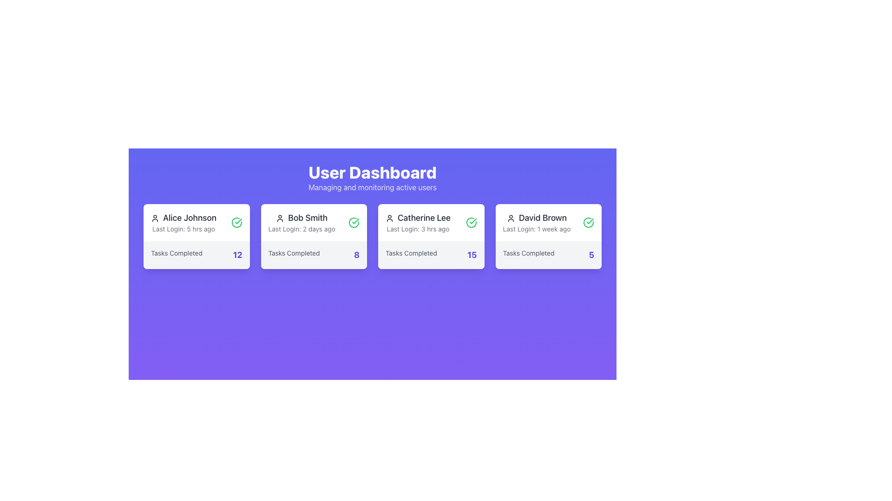 The height and width of the screenshot is (501, 892). I want to click on the styling of the 'completed' or 'verified' status icon for user 'David Brown', which is located at the top-right corner of the corresponding card, so click(588, 222).